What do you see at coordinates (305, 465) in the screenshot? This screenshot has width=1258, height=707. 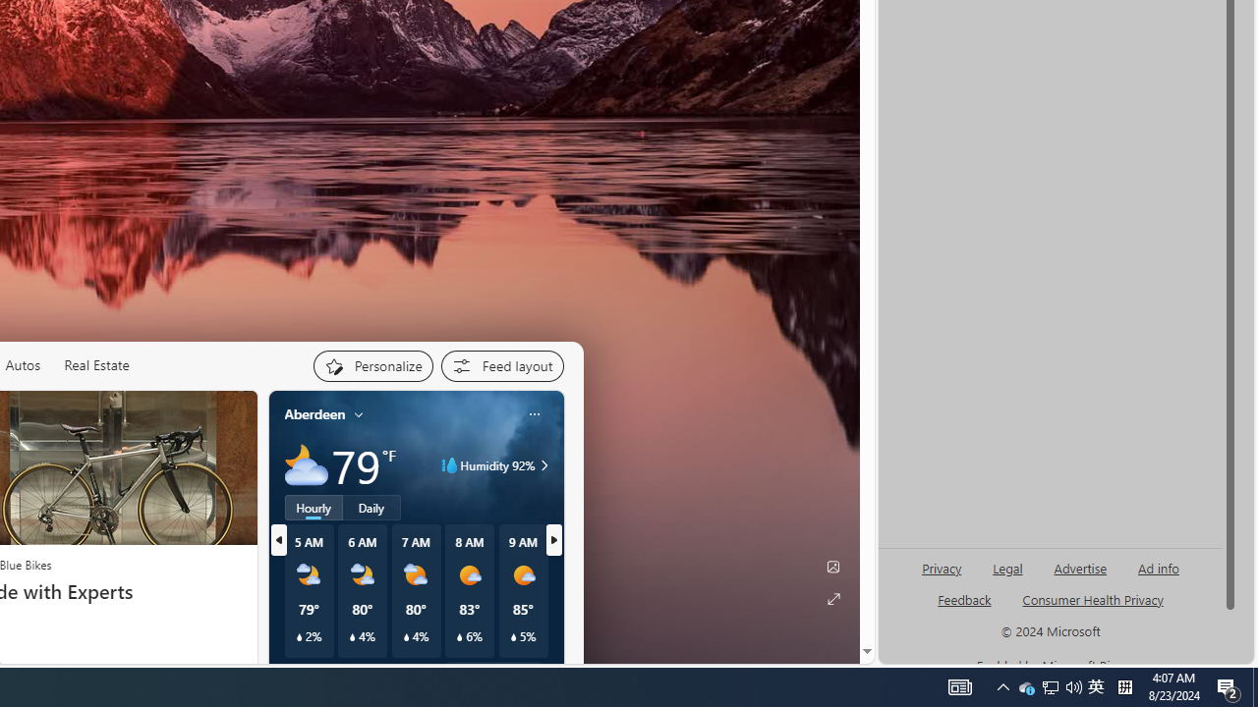 I see `'Mostly cloudy'` at bounding box center [305, 465].